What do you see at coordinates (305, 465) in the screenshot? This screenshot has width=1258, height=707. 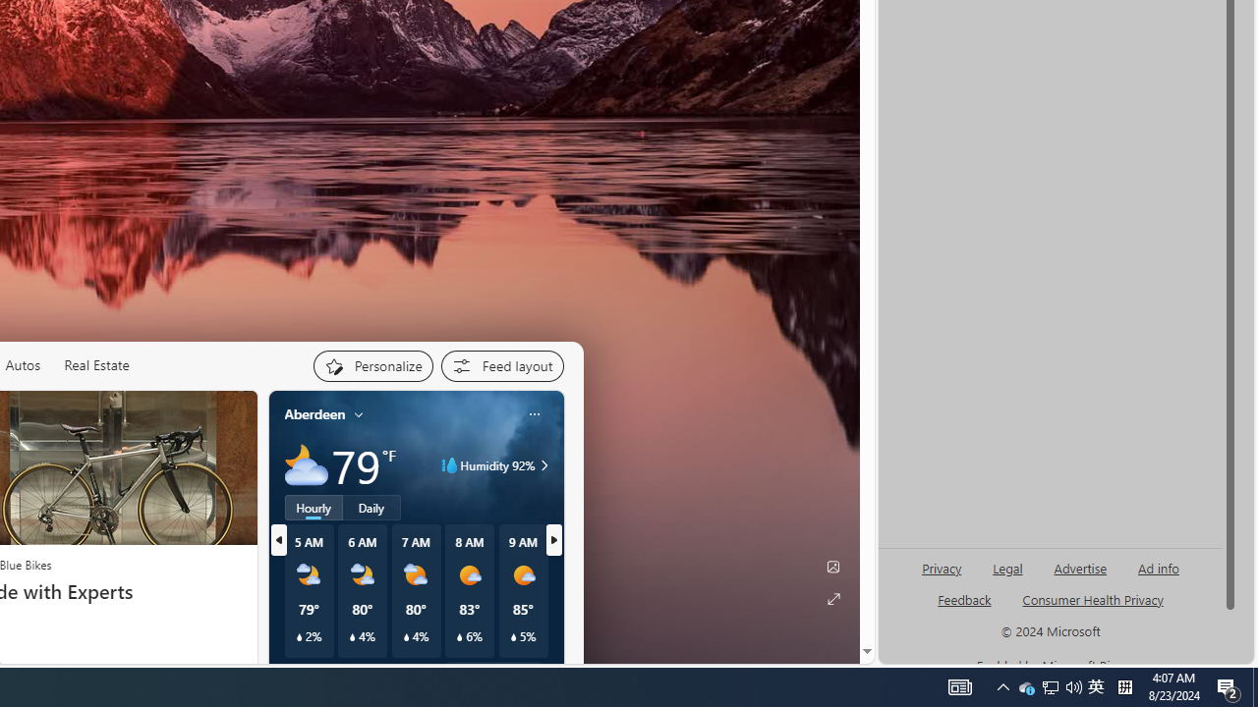 I see `'Mostly cloudy'` at bounding box center [305, 465].